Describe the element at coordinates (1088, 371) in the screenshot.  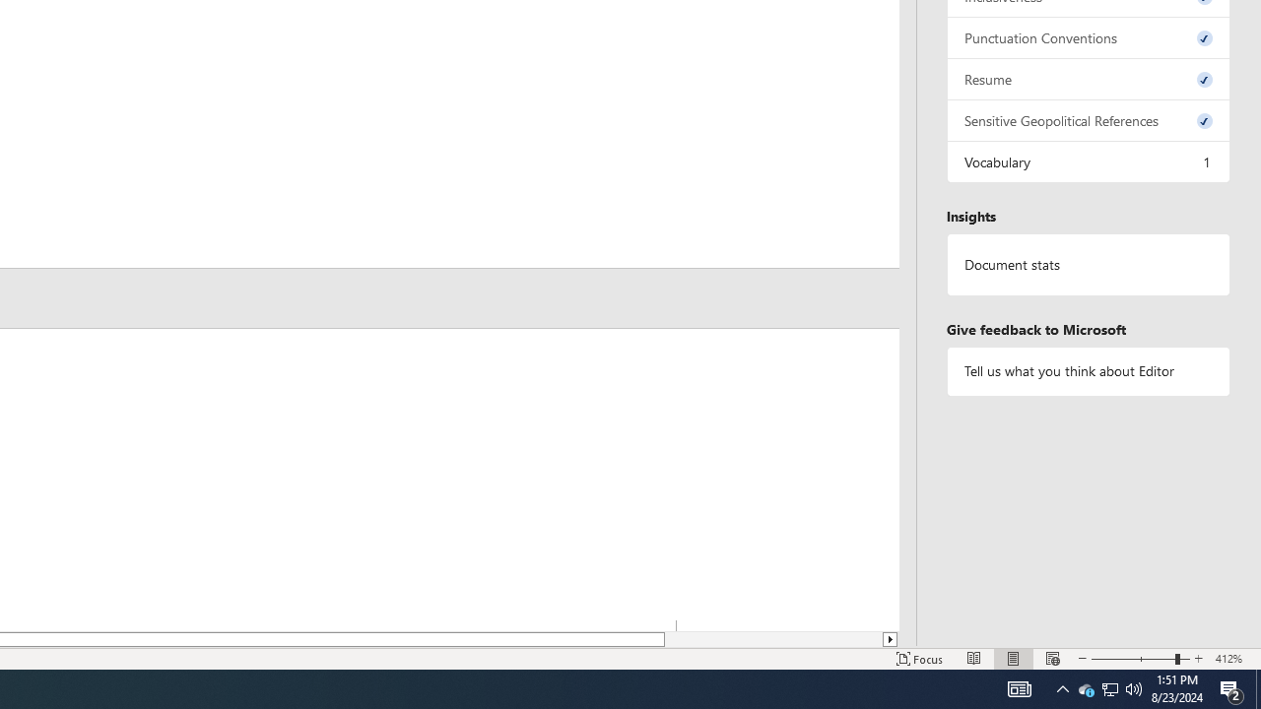
I see `'Tell us what you think about Editor'` at that location.